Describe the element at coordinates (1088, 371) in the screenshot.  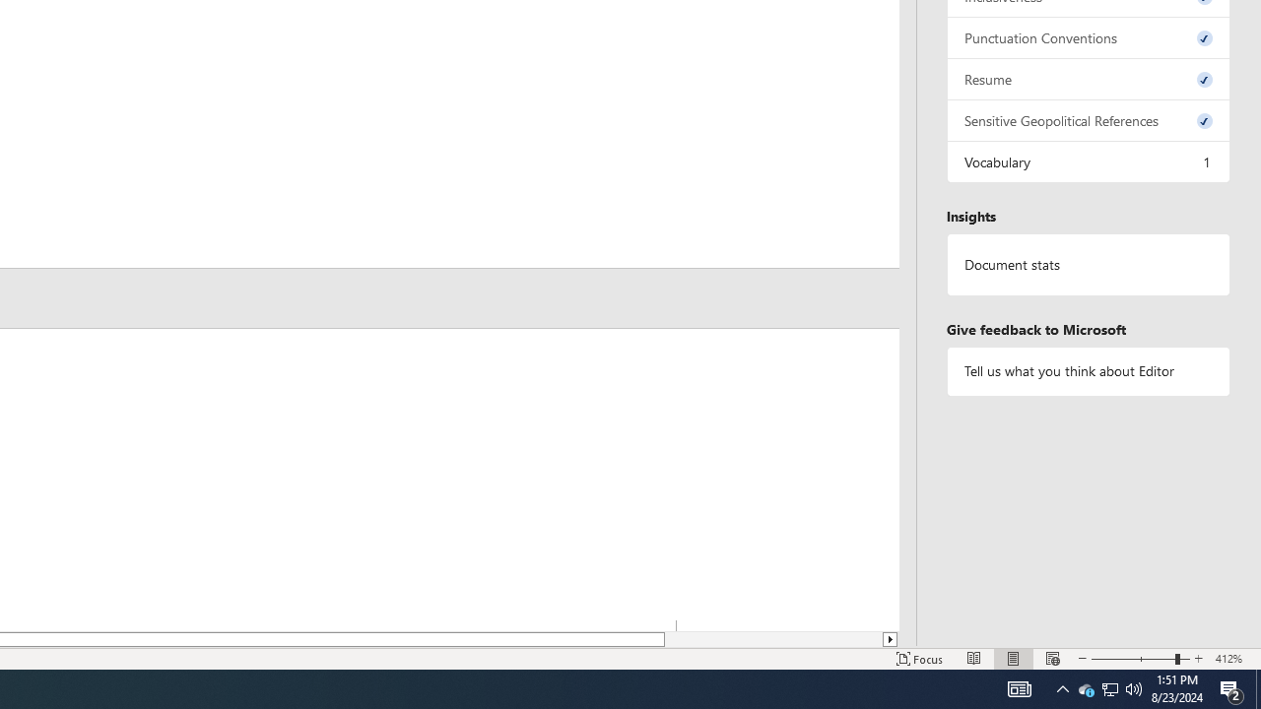
I see `'Tell us what you think about Editor'` at that location.